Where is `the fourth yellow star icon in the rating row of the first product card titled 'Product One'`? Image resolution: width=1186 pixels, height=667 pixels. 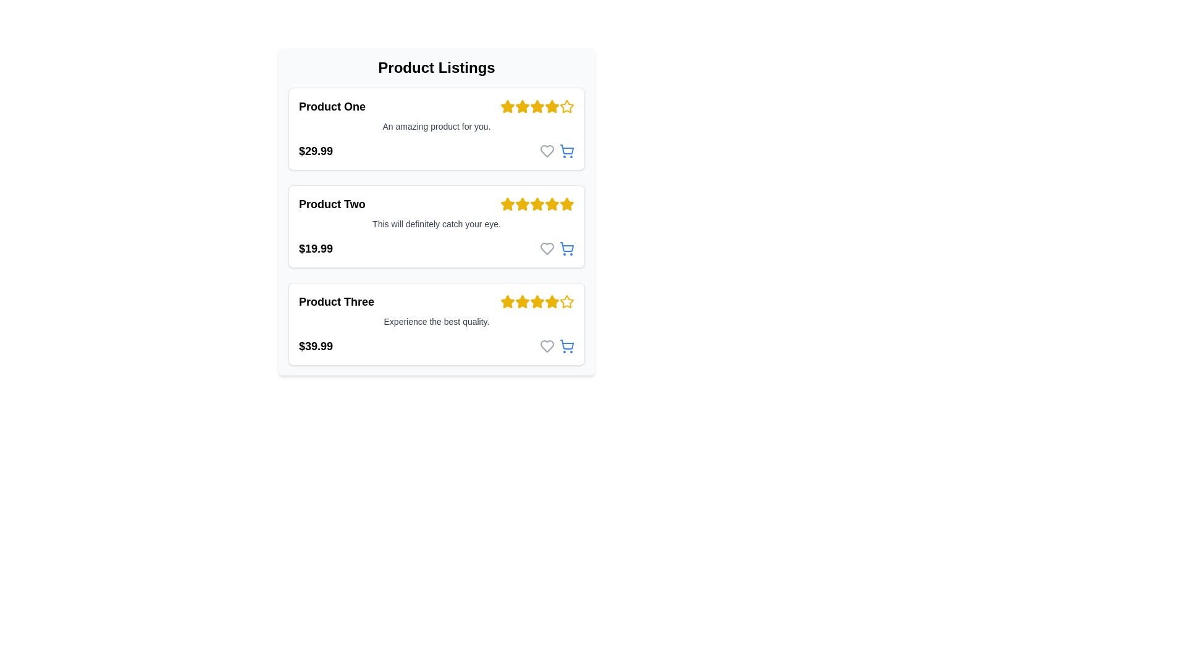 the fourth yellow star icon in the rating row of the first product card titled 'Product One' is located at coordinates (551, 106).